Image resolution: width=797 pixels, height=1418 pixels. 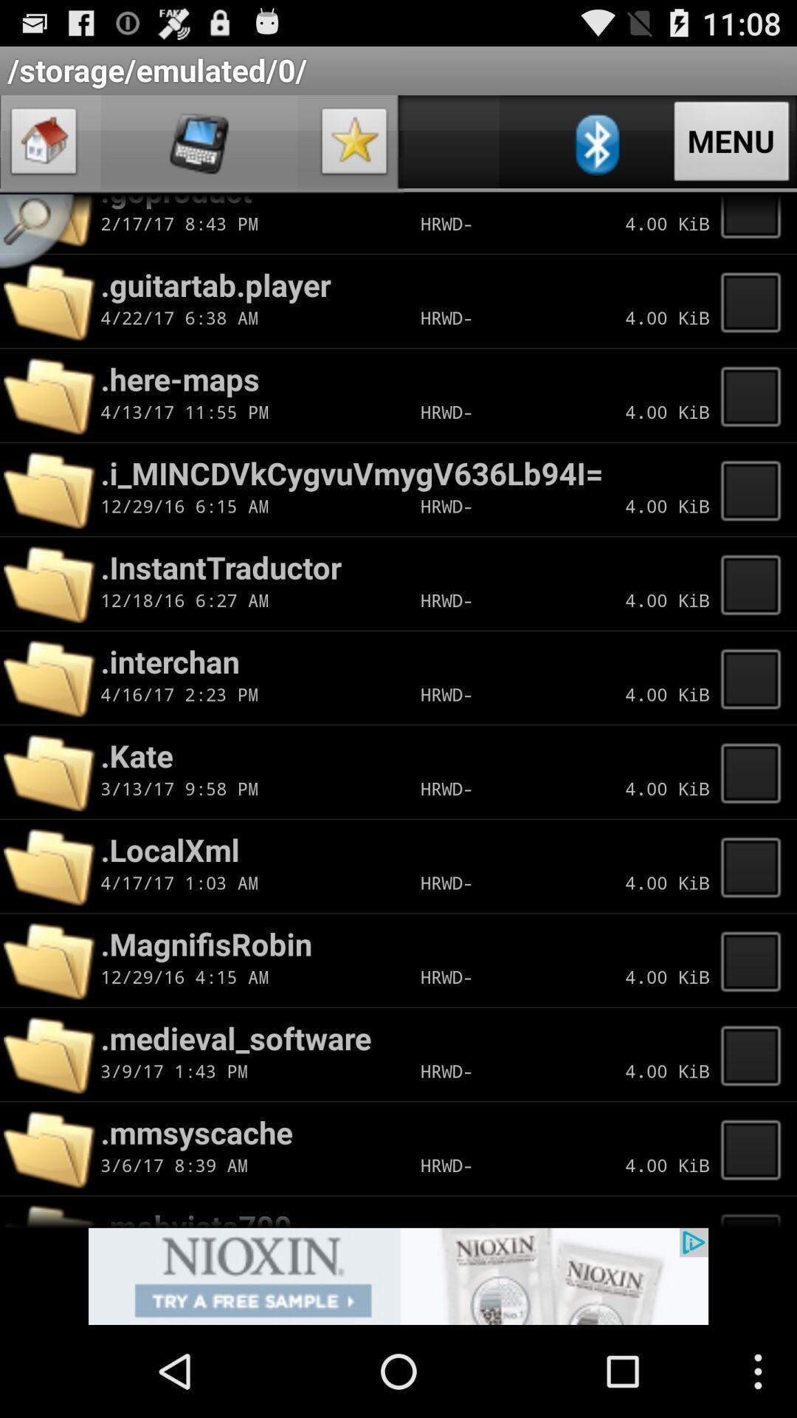 I want to click on open search bar, so click(x=41, y=237).